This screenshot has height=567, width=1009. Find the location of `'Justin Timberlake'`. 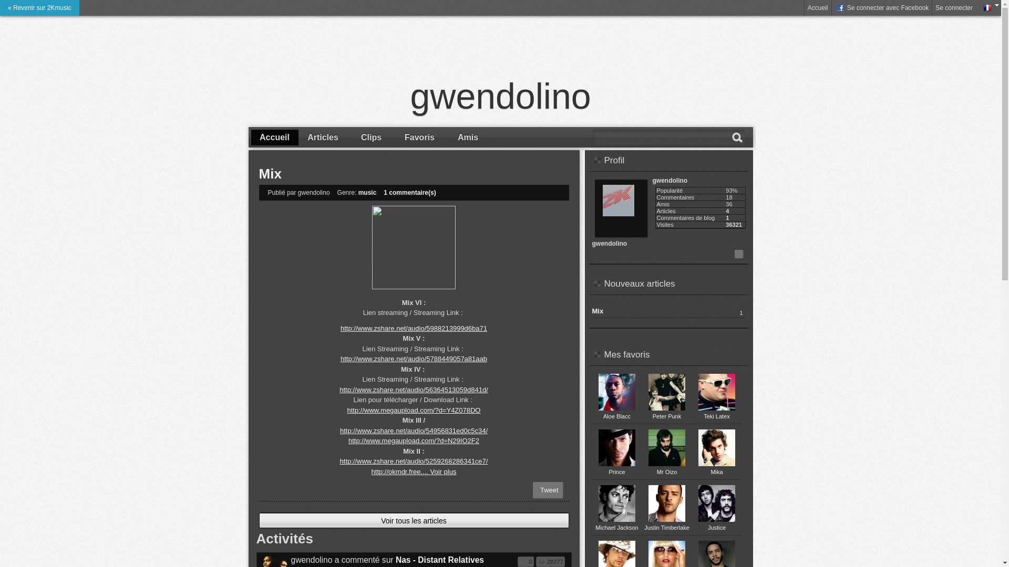

'Justin Timberlake' is located at coordinates (666, 528).